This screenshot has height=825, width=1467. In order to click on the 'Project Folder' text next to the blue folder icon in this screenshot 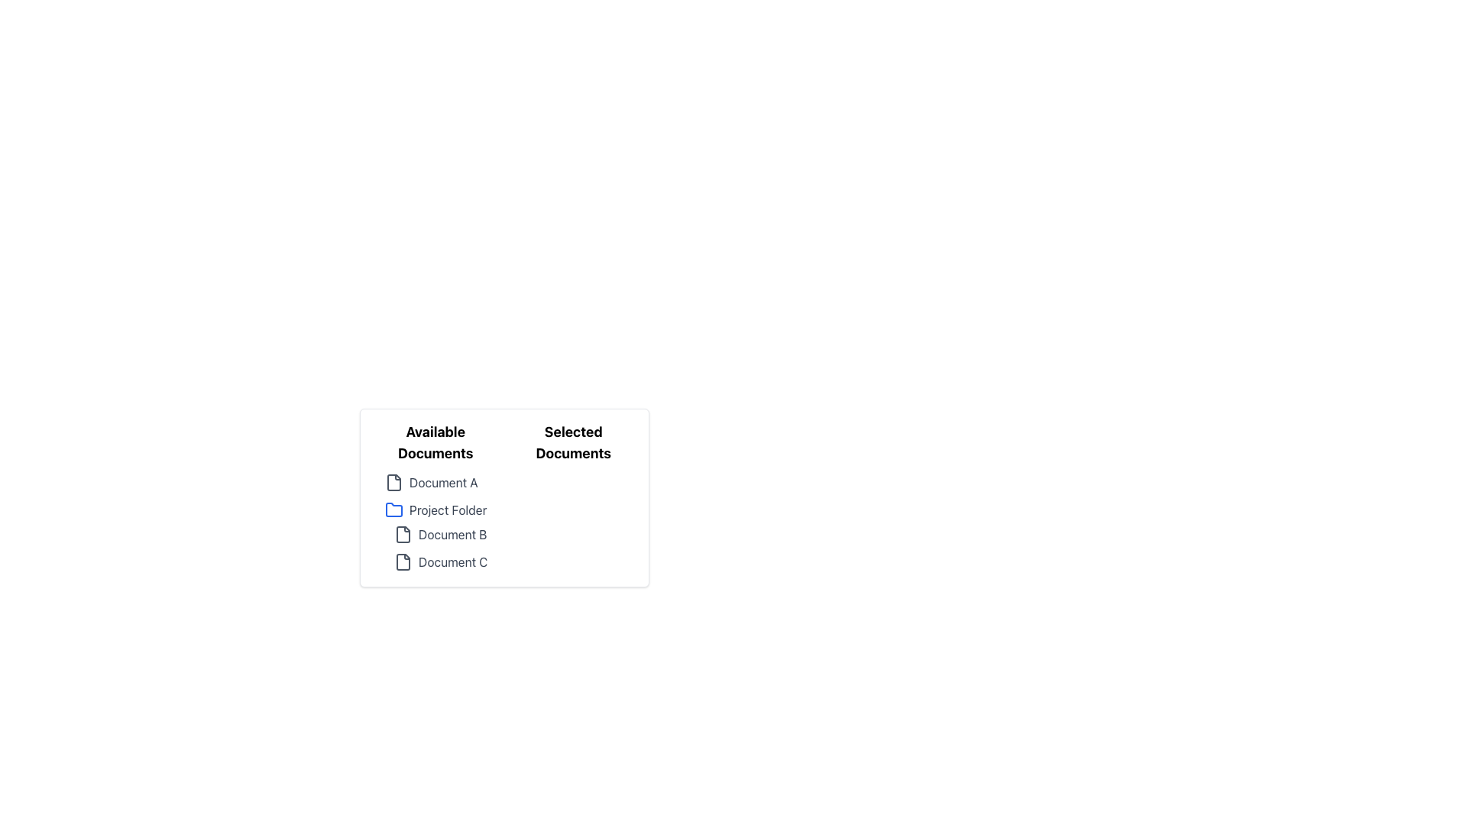, I will do `click(439, 510)`.